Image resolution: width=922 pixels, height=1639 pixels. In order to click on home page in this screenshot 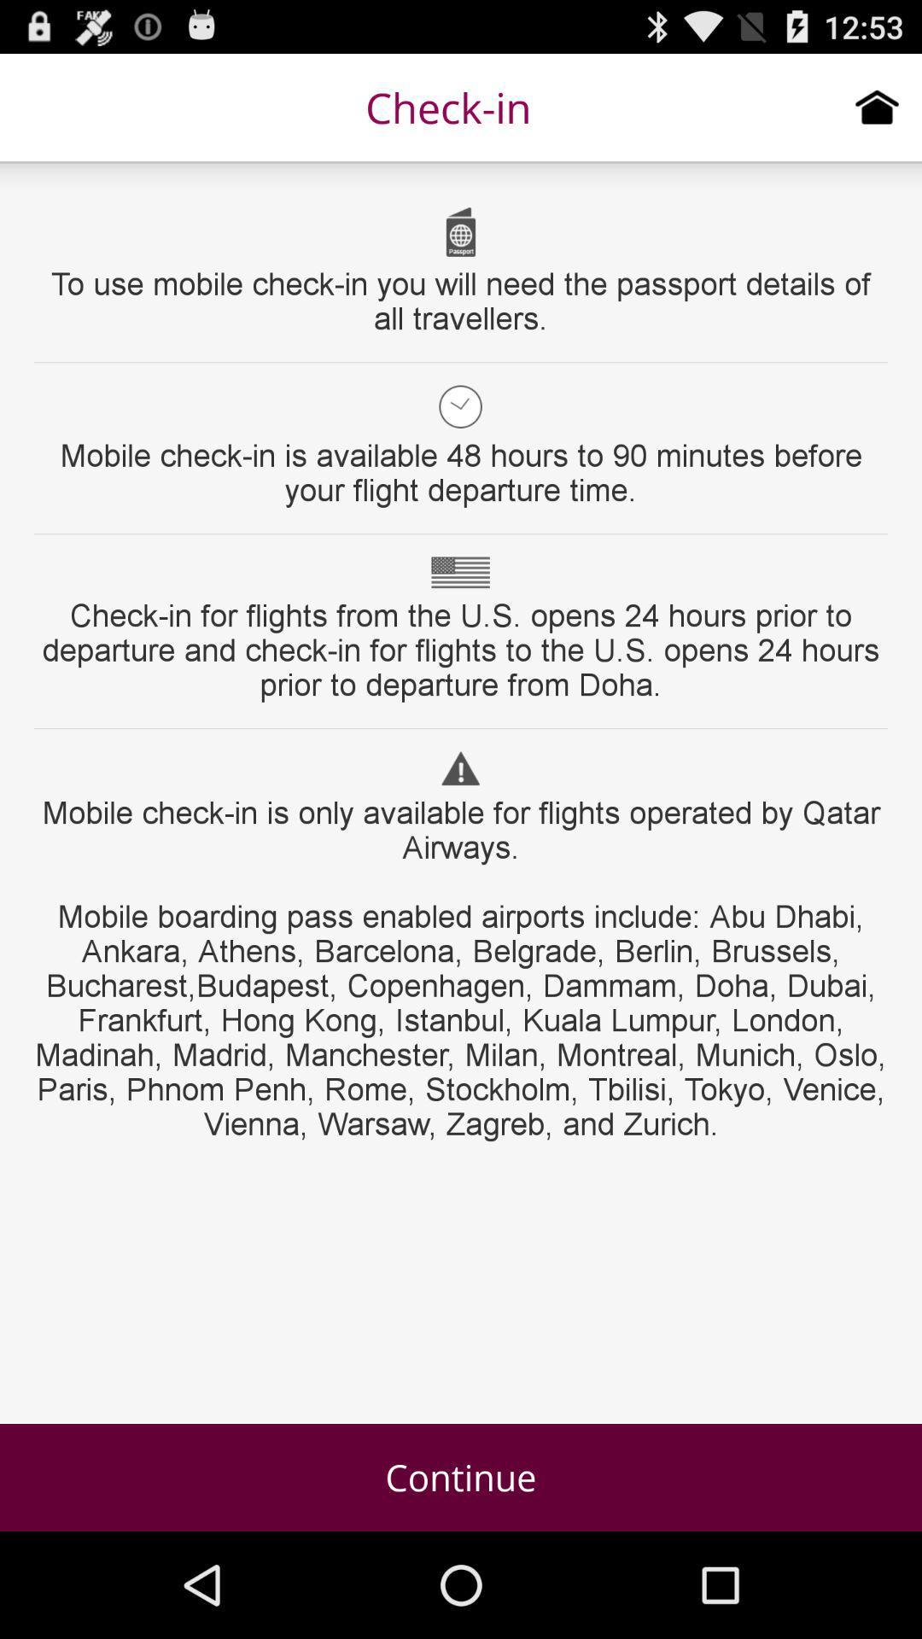, I will do `click(877, 106)`.